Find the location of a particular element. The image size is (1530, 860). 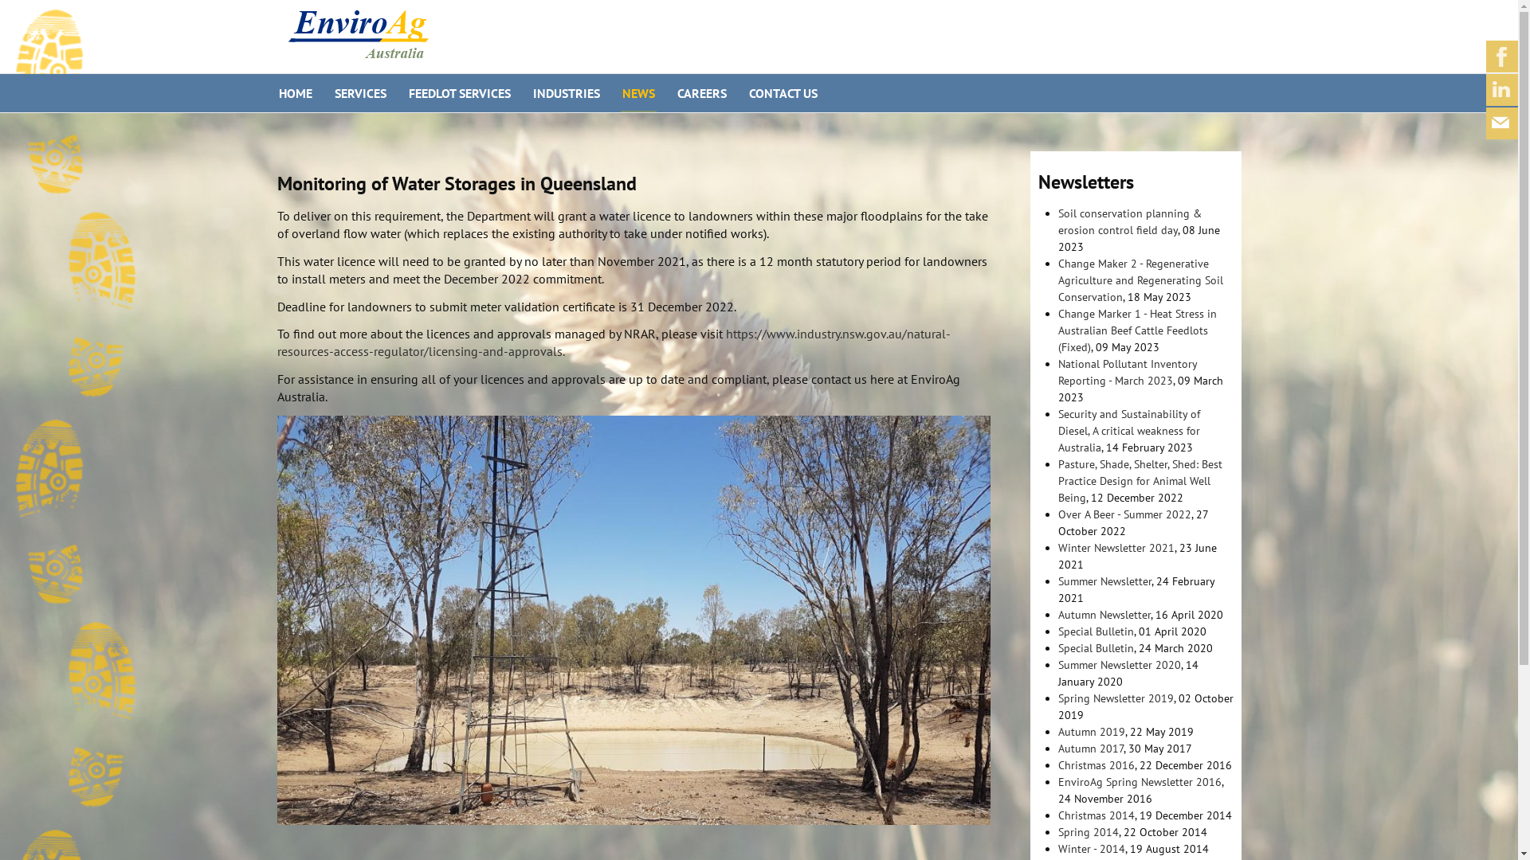

'Winter - 2014' is located at coordinates (1090, 847).